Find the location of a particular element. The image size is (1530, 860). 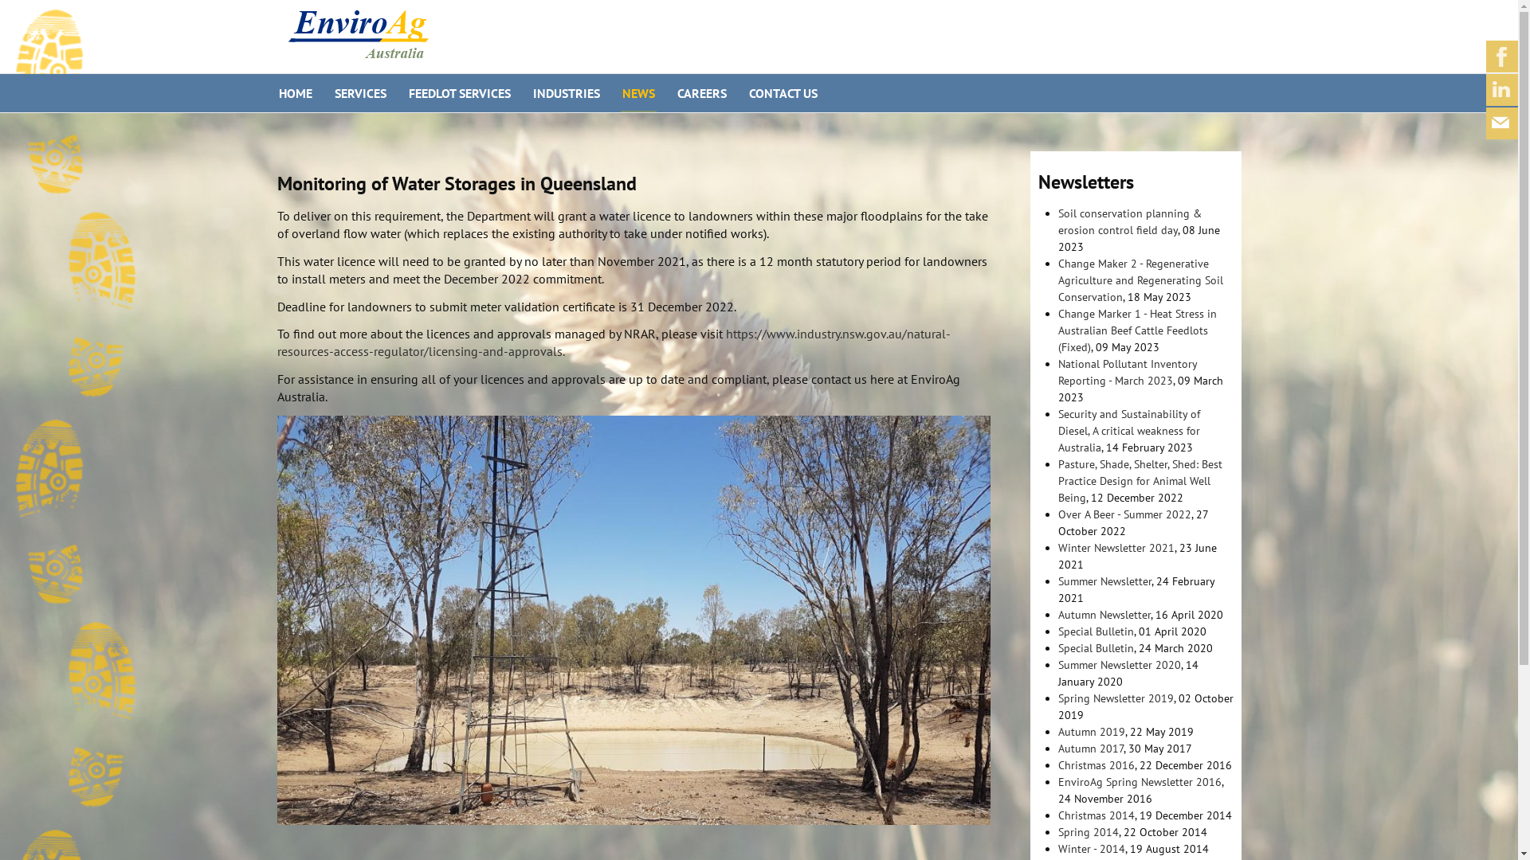

'Winter - 2014' is located at coordinates (1090, 847).